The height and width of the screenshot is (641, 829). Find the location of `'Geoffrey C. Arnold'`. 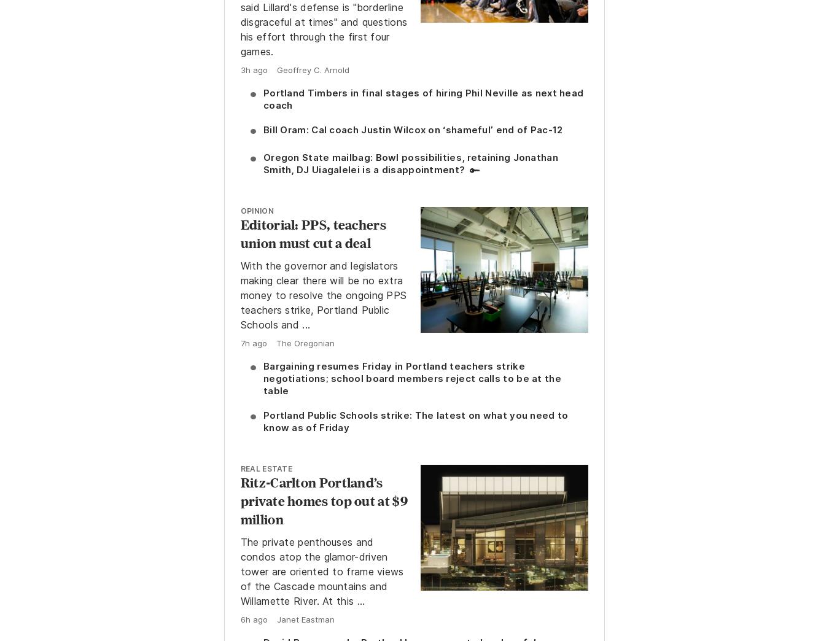

'Geoffrey C. Arnold' is located at coordinates (311, 70).